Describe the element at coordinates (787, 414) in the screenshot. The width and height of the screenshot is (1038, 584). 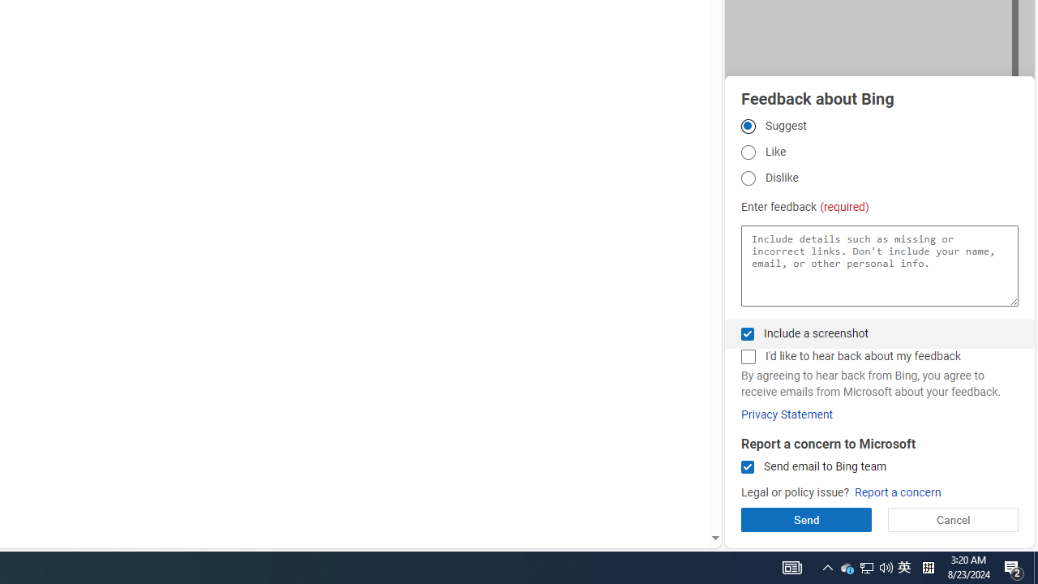
I see `'Privacy Statement'` at that location.